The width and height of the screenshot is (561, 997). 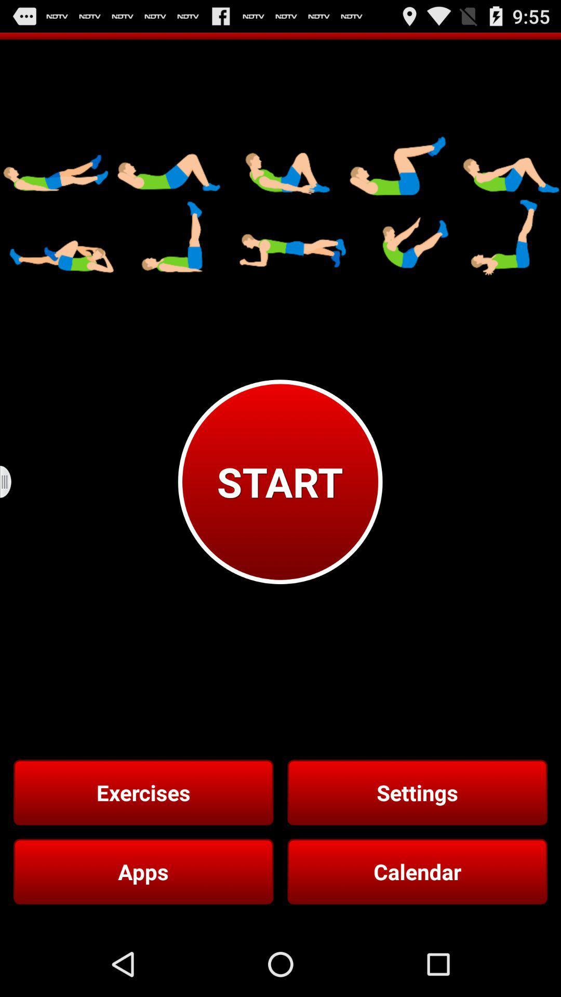 I want to click on button next to settings button, so click(x=143, y=792).